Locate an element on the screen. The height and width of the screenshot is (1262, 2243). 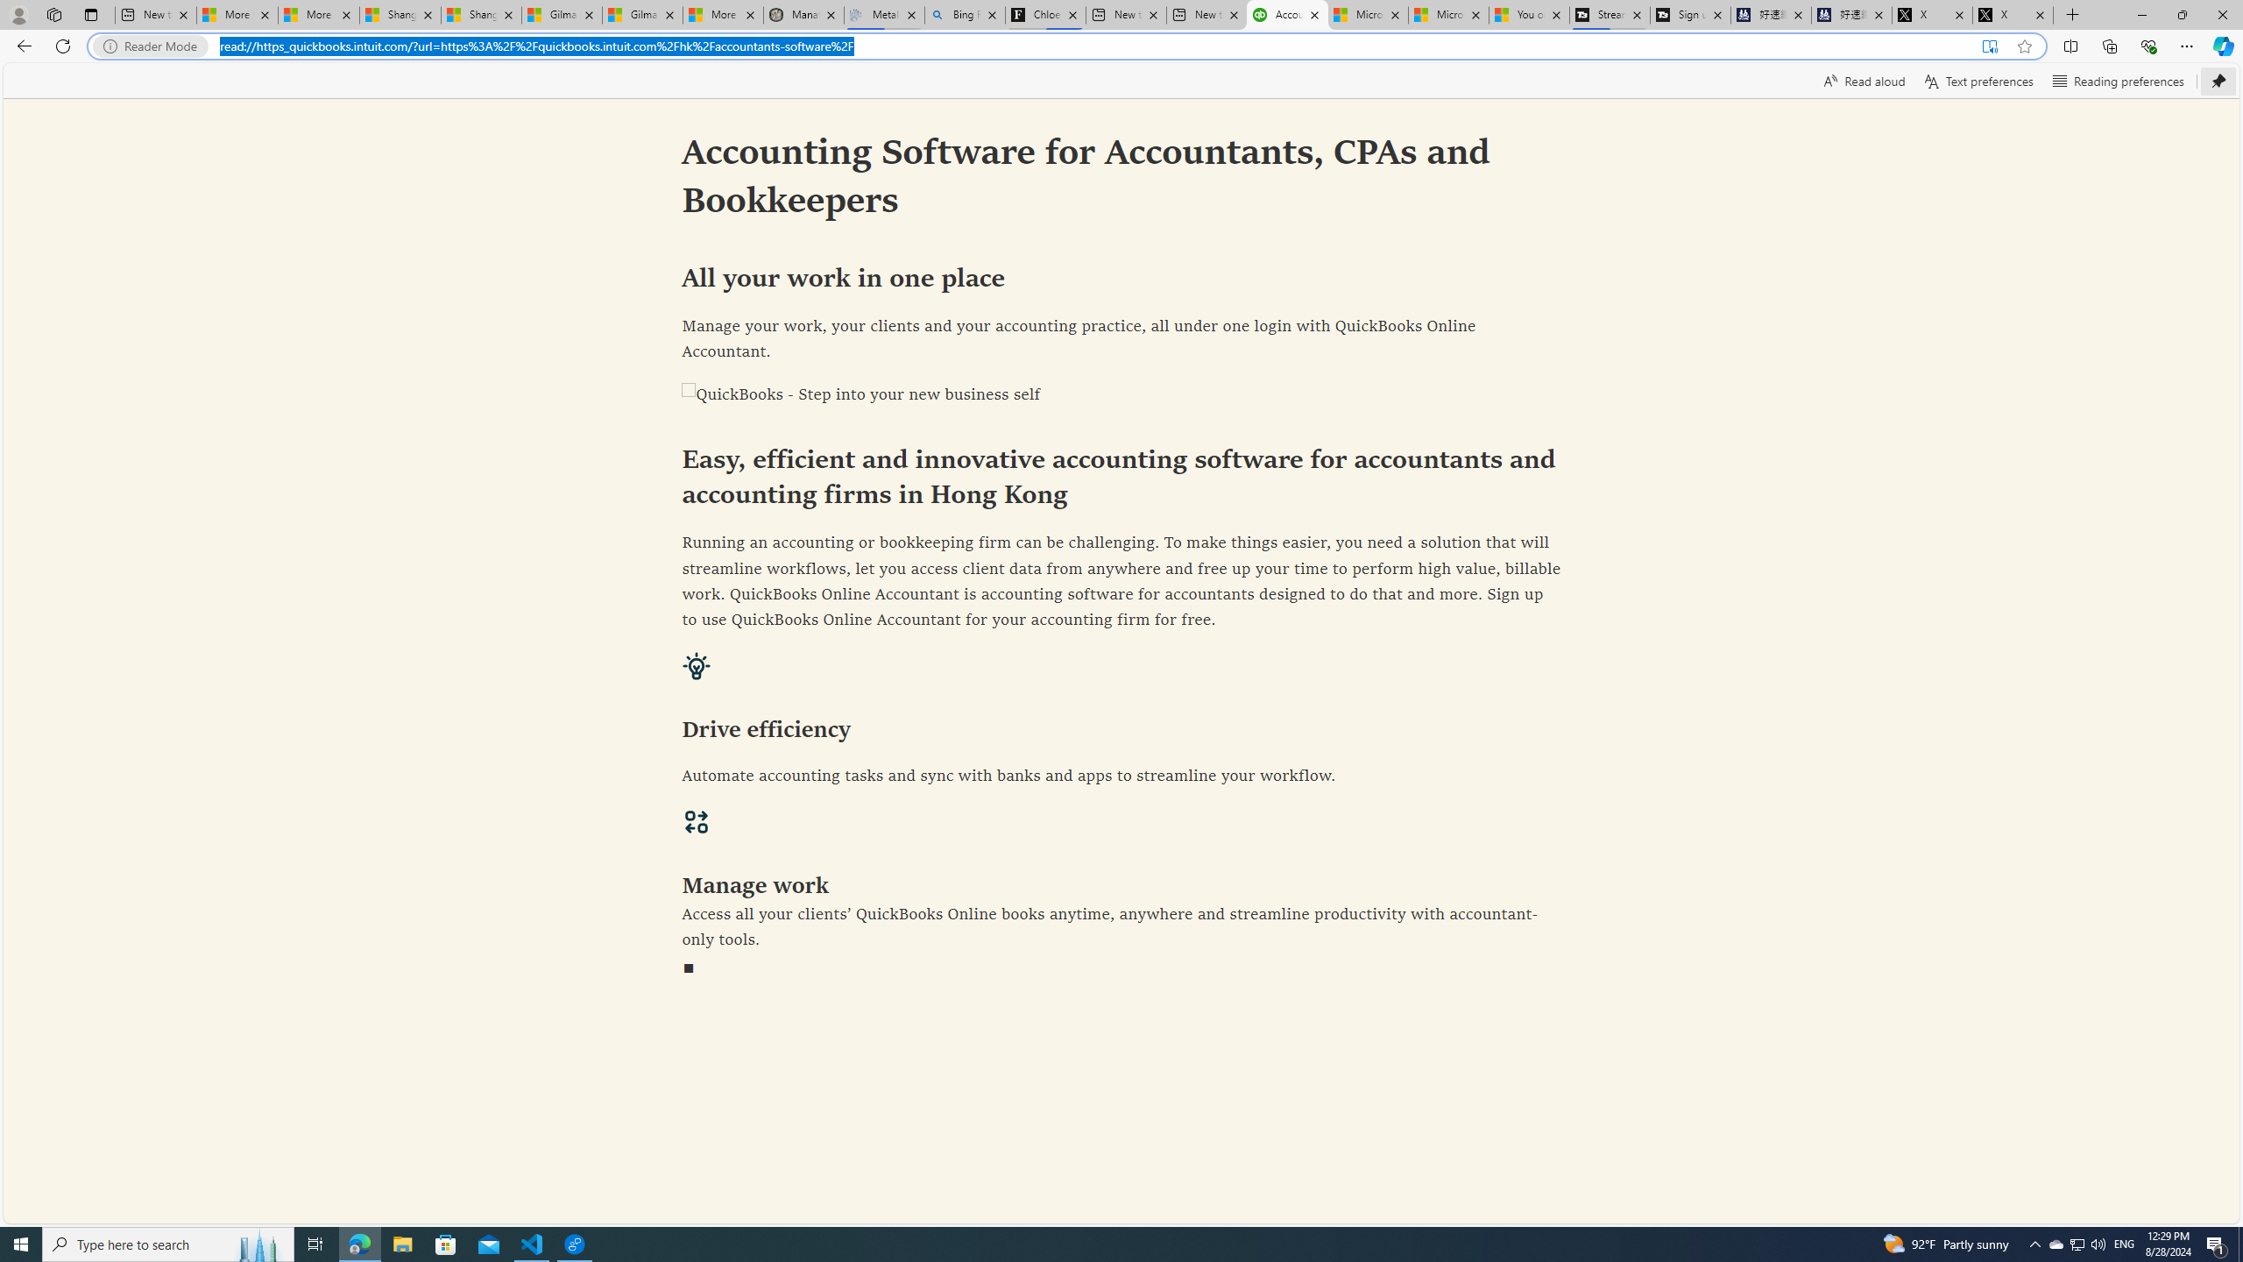
'Streaming Coverage | T3' is located at coordinates (1608, 14).